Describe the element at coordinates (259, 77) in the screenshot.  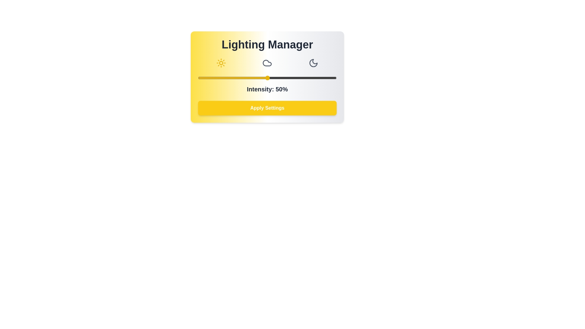
I see `the light intensity slider to 44%` at that location.